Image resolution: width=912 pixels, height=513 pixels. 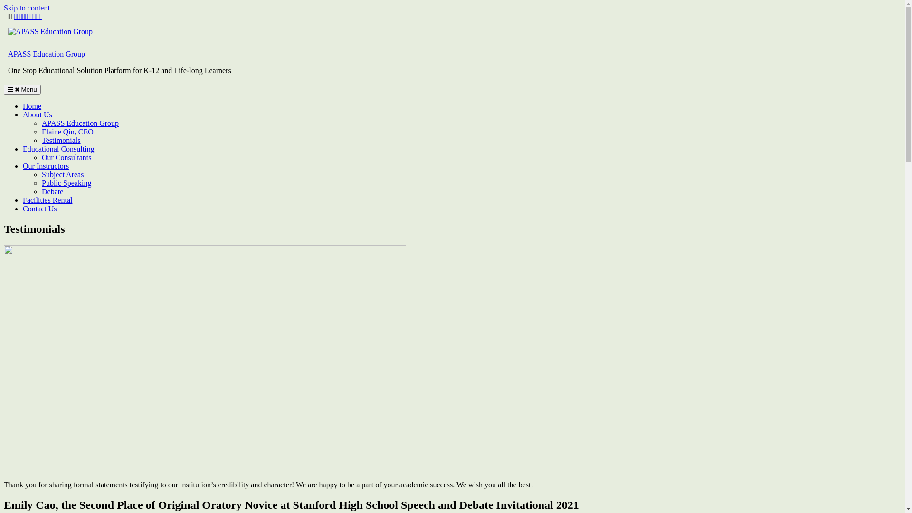 I want to click on 'Educational Consulting', so click(x=58, y=149).